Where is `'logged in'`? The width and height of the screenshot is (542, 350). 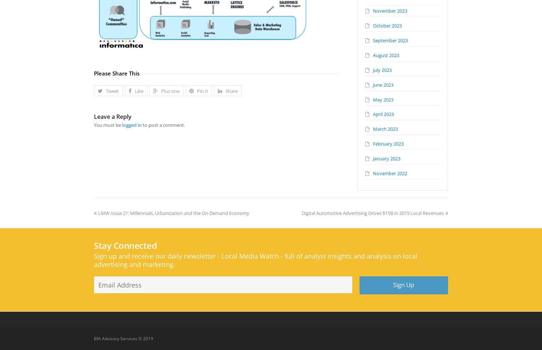 'logged in' is located at coordinates (131, 125).